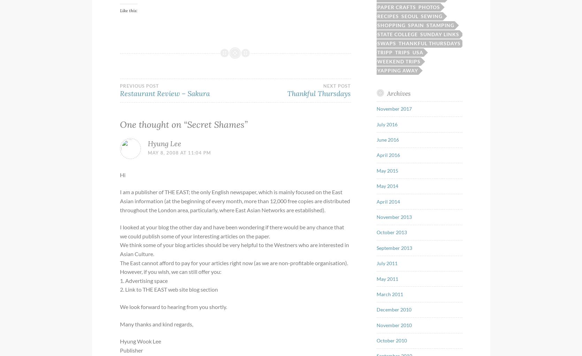 The height and width of the screenshot is (356, 582). What do you see at coordinates (388, 140) in the screenshot?
I see `'June 2016'` at bounding box center [388, 140].